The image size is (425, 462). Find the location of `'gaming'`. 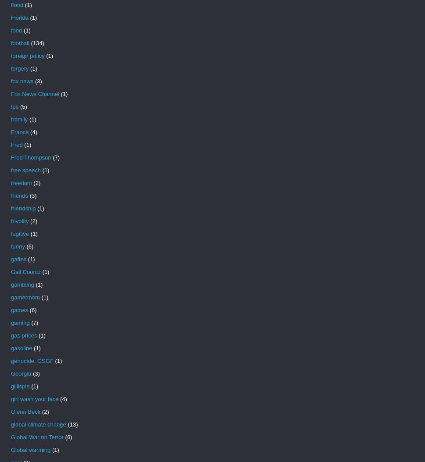

'gaming' is located at coordinates (19, 322).